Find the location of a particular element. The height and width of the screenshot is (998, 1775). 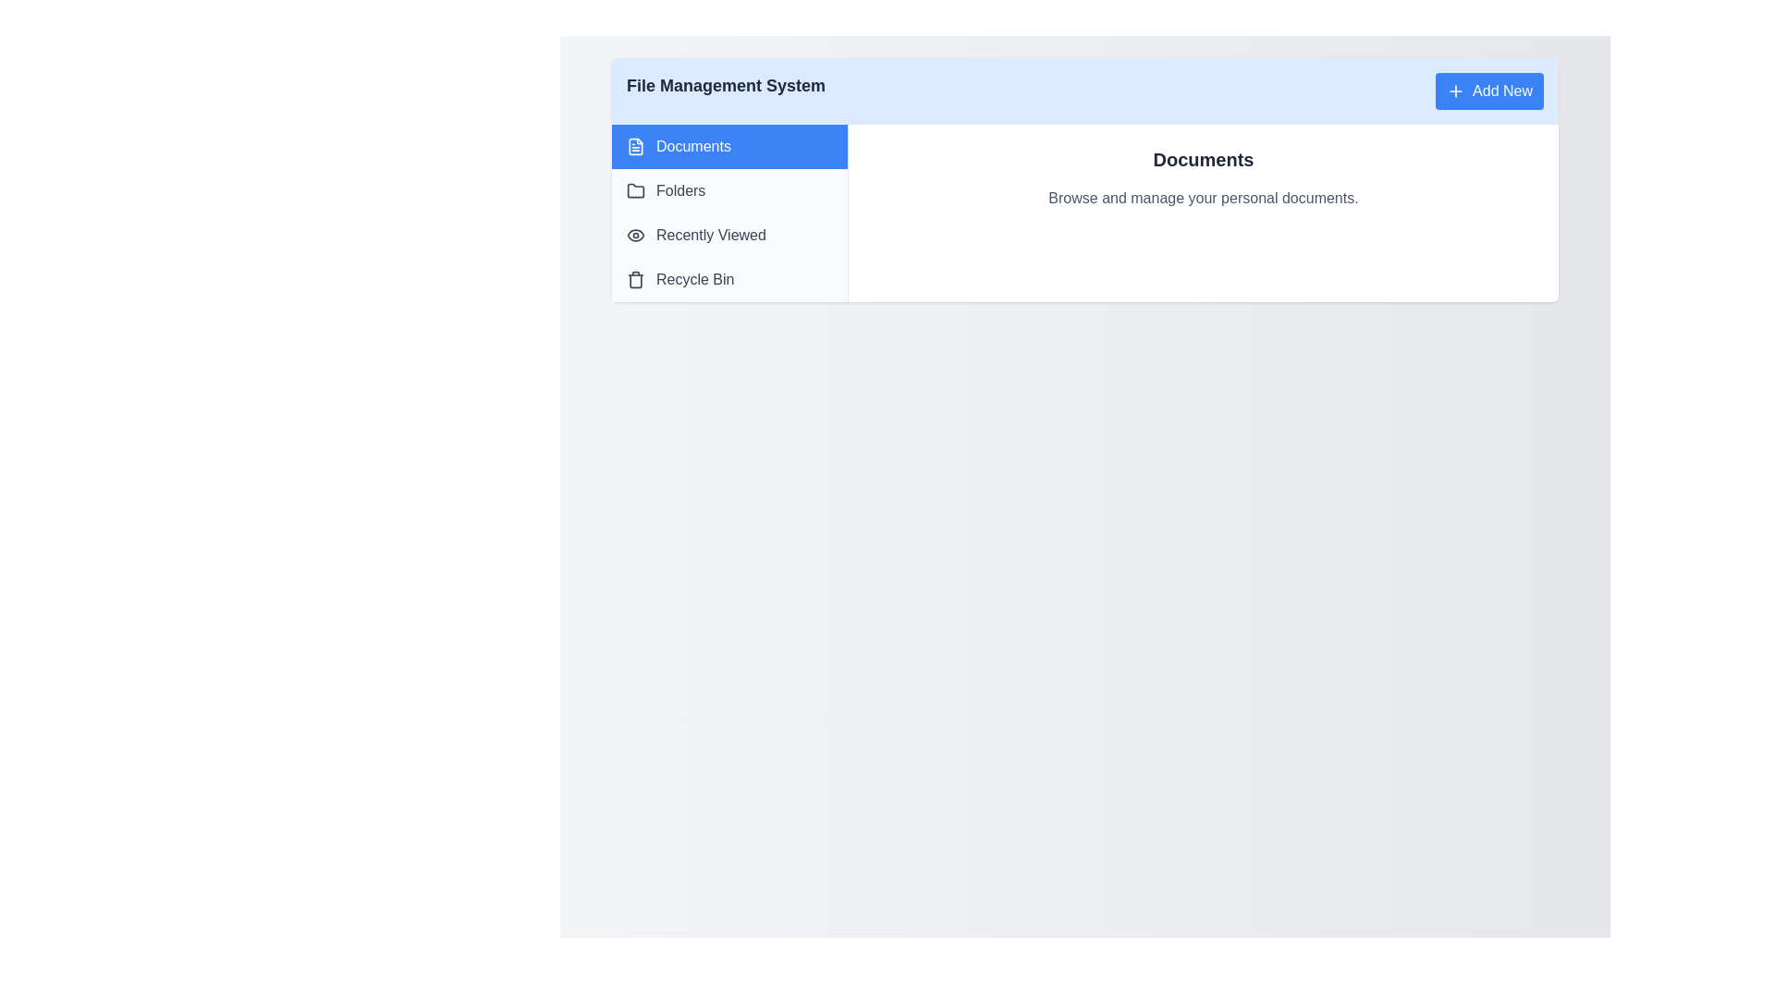

the navigation button at the top left of the sidebar that links to the documents section of the application is located at coordinates (728, 145).